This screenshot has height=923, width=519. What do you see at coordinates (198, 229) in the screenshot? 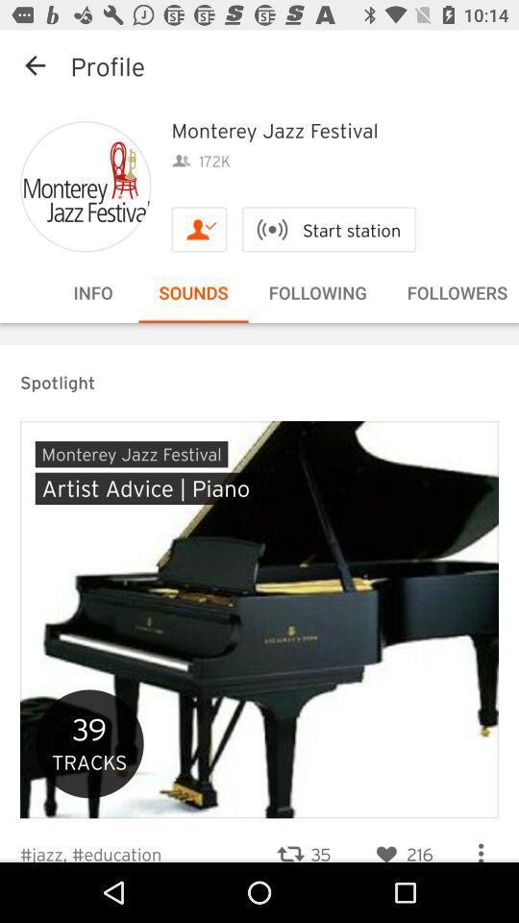
I see `icon below the 172k icon` at bounding box center [198, 229].